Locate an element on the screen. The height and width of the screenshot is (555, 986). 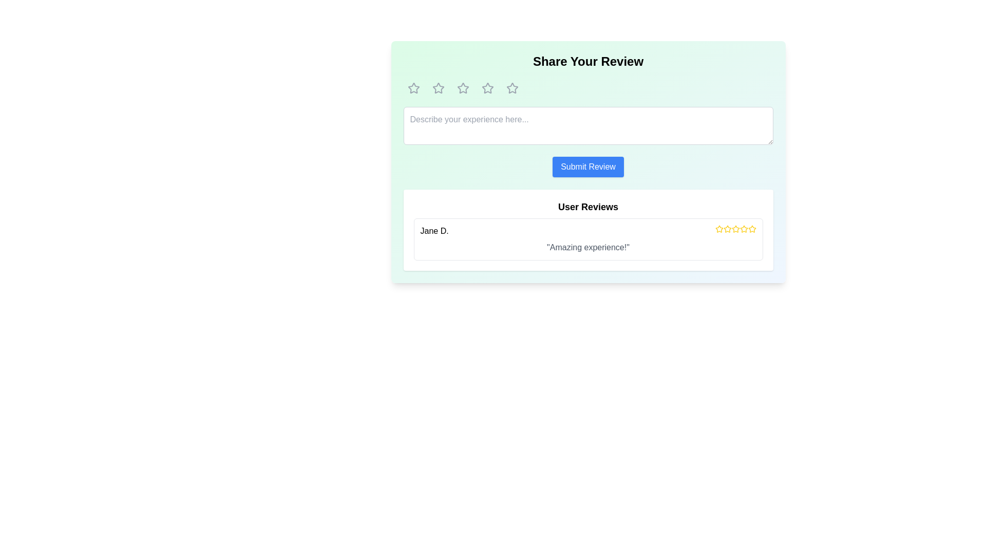
the second star icon from the left in the rating system above the feedback text area is located at coordinates (438, 88).